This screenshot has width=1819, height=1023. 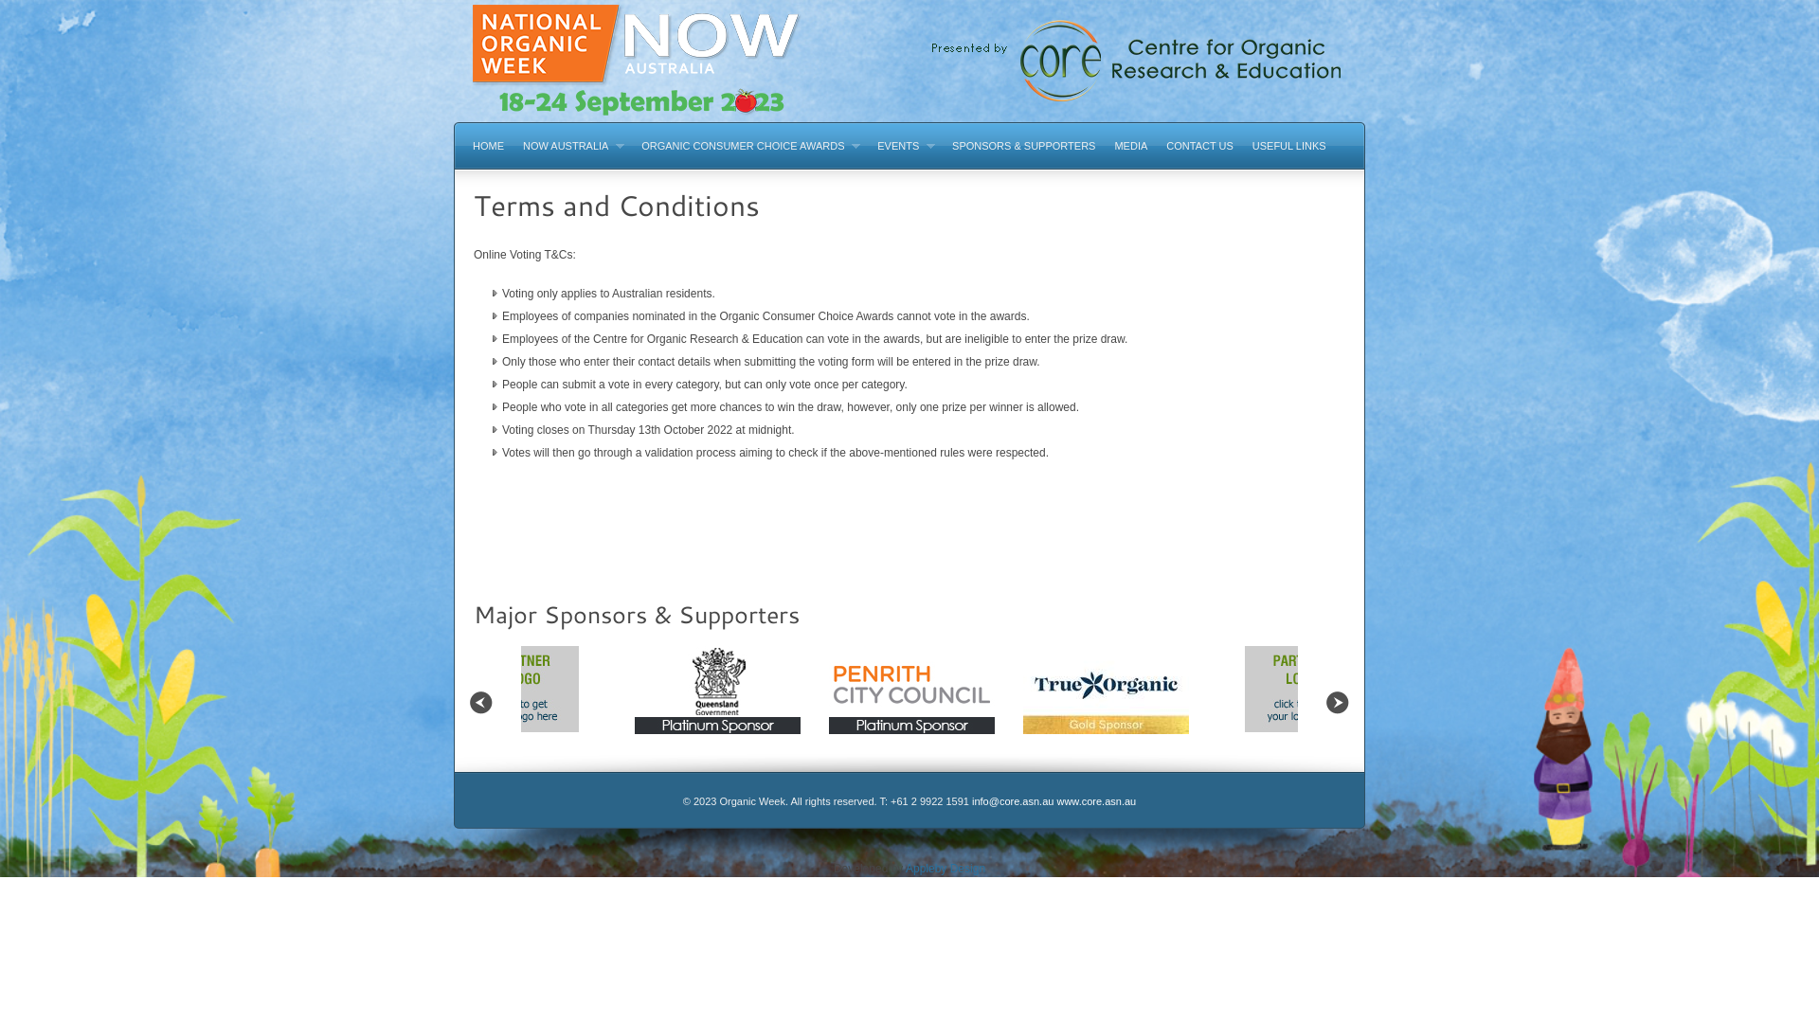 I want to click on 'USEFUL LINKS', so click(x=1288, y=144).